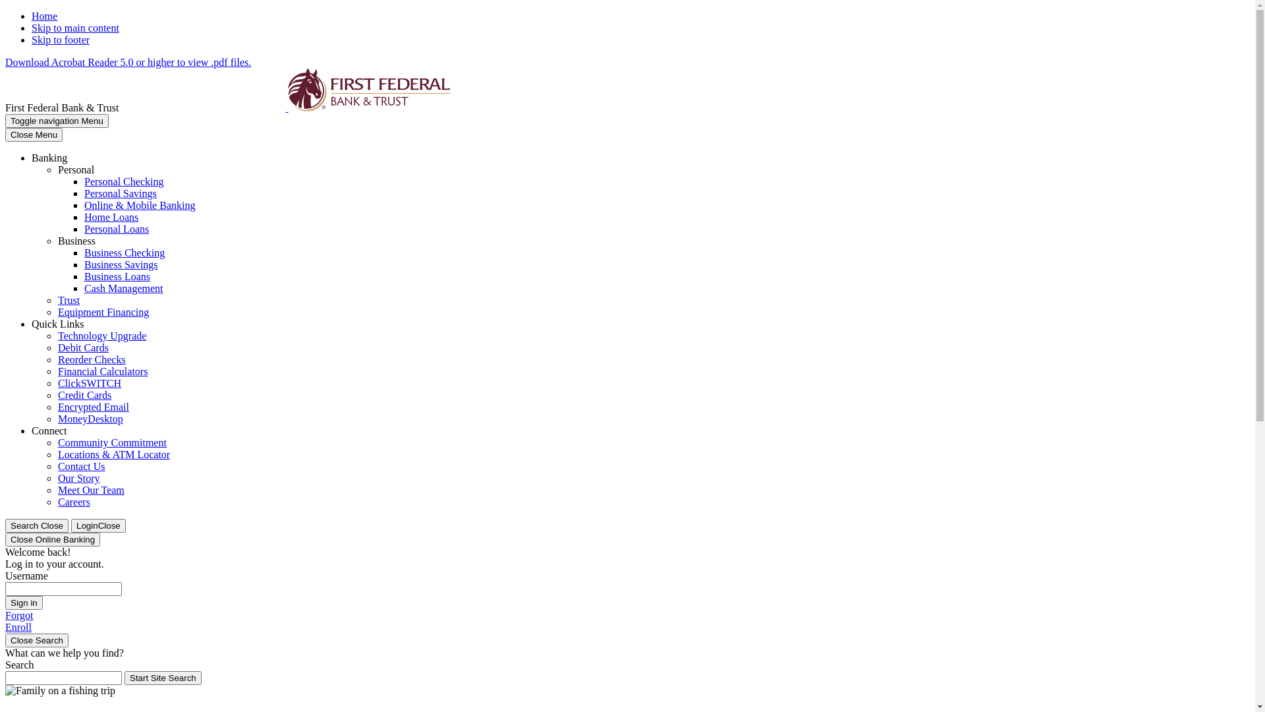 The width and height of the screenshot is (1265, 712). Describe the element at coordinates (59, 39) in the screenshot. I see `'Skip to footer'` at that location.